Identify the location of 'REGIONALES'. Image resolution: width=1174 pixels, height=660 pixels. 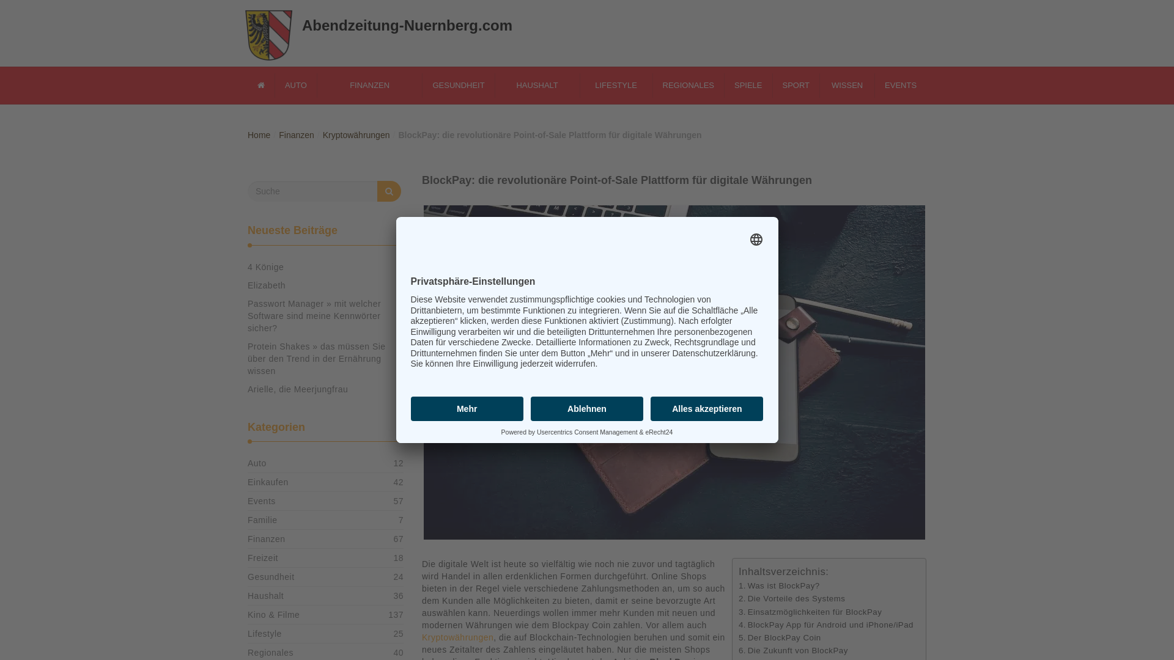
(683, 84).